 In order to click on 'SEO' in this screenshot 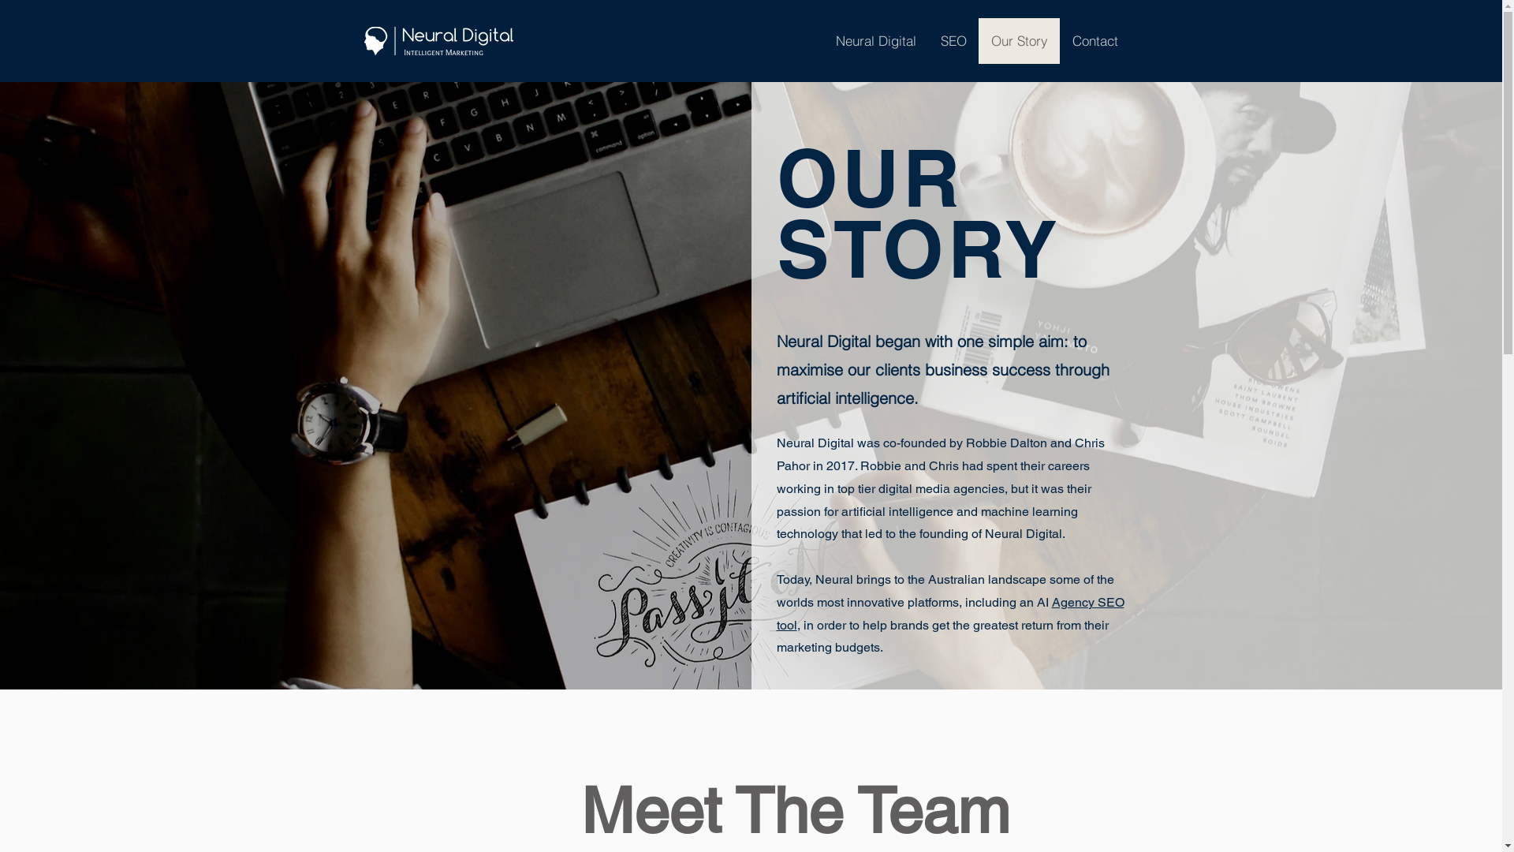, I will do `click(953, 39)`.